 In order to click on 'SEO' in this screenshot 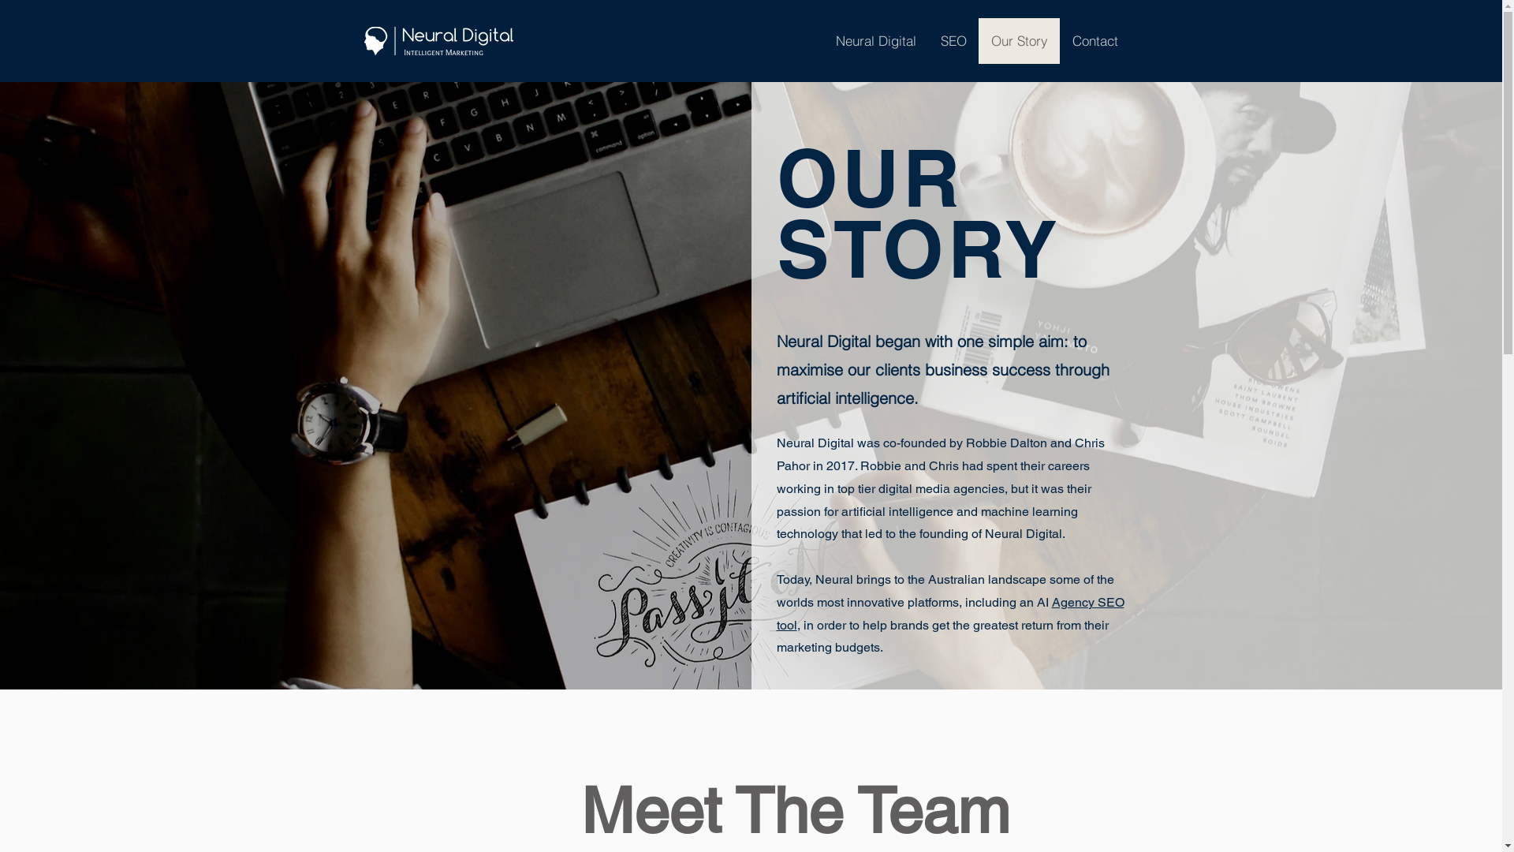, I will do `click(953, 39)`.